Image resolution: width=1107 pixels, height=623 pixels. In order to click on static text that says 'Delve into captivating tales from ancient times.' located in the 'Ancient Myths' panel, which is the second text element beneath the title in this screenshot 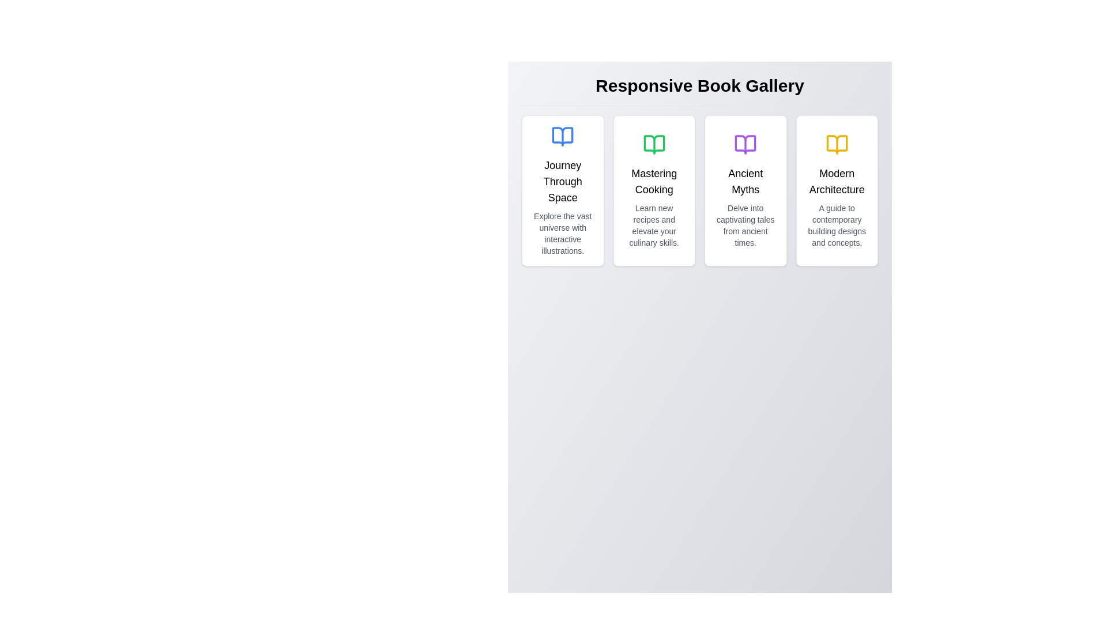, I will do `click(745, 225)`.